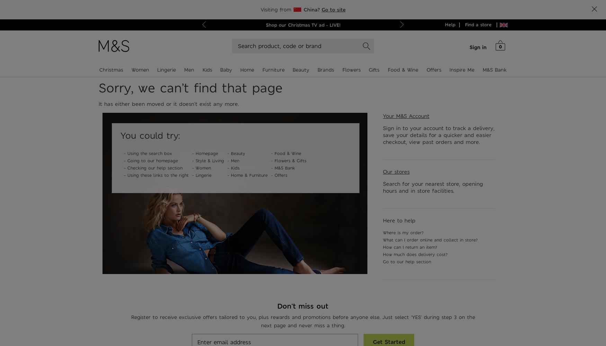  I want to click on 'Go to site', so click(333, 10).